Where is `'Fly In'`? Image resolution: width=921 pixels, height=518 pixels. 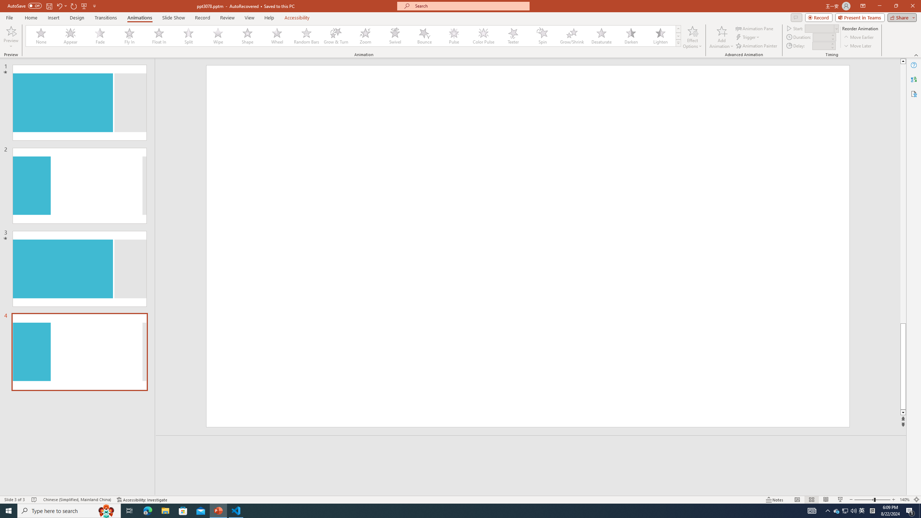 'Fly In' is located at coordinates (129, 36).